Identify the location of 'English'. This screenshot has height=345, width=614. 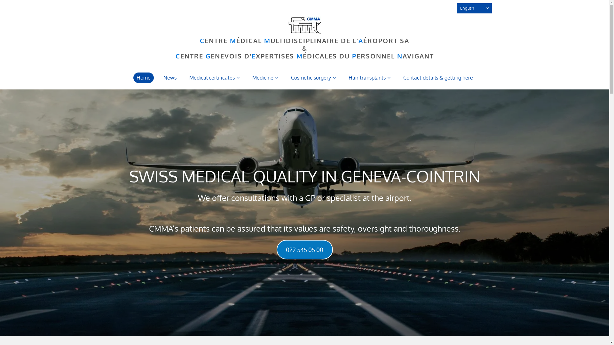
(474, 8).